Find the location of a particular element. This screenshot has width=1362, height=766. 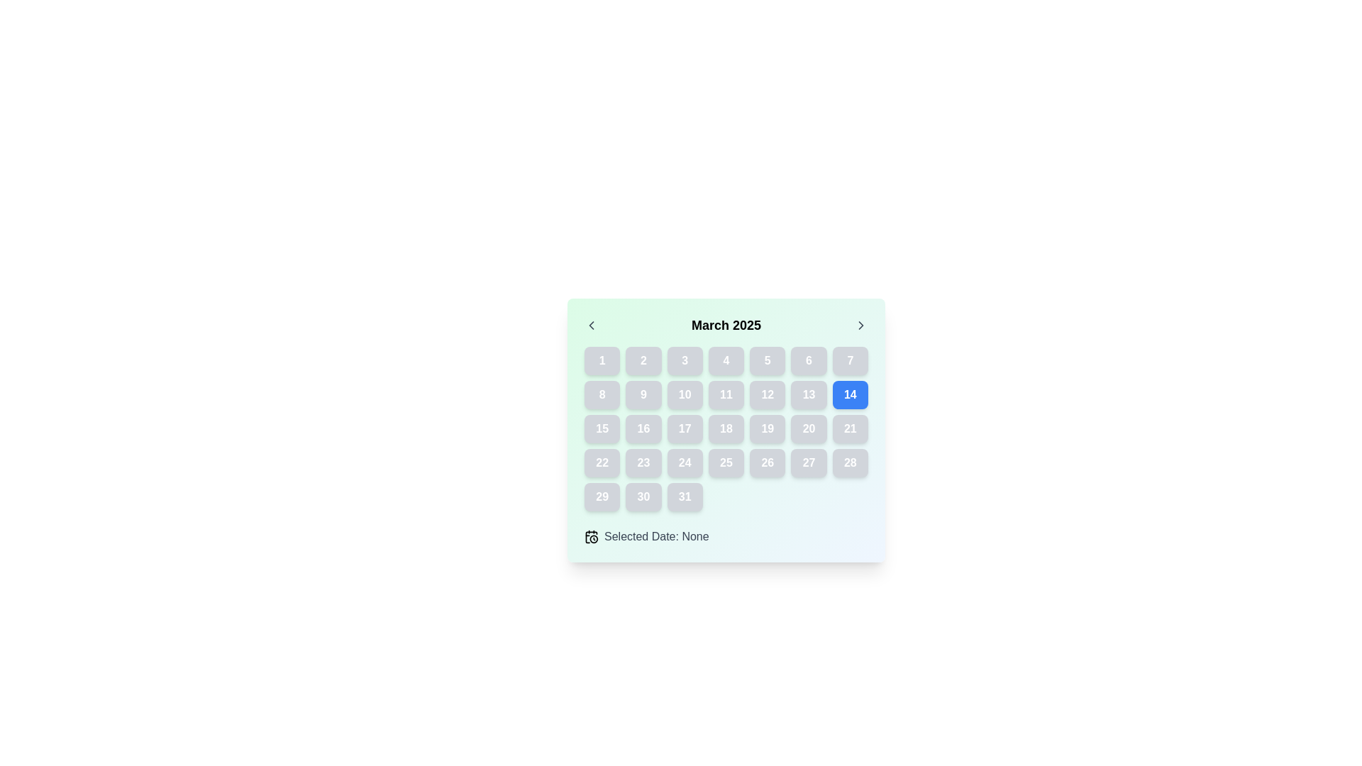

the rectangular button in the calendar grid displaying the number '14' is located at coordinates (850, 394).